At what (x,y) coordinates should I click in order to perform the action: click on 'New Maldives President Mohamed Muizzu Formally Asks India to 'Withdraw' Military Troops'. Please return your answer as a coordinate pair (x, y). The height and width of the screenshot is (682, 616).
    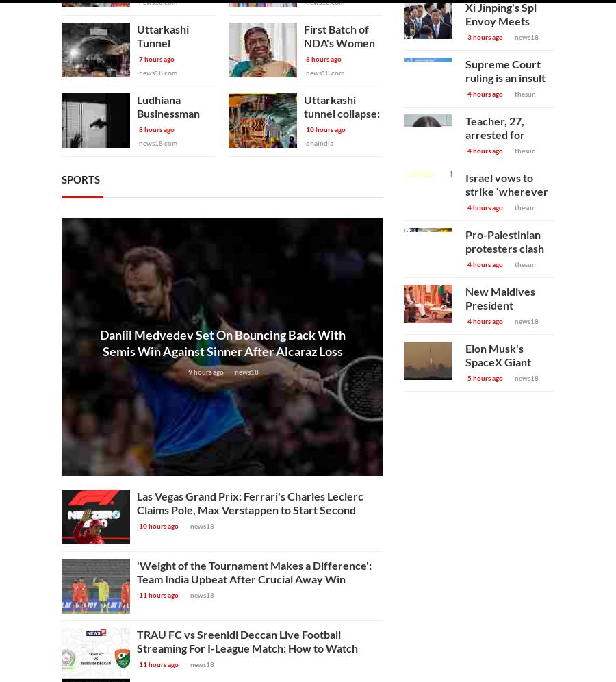
    Looking at the image, I should click on (509, 331).